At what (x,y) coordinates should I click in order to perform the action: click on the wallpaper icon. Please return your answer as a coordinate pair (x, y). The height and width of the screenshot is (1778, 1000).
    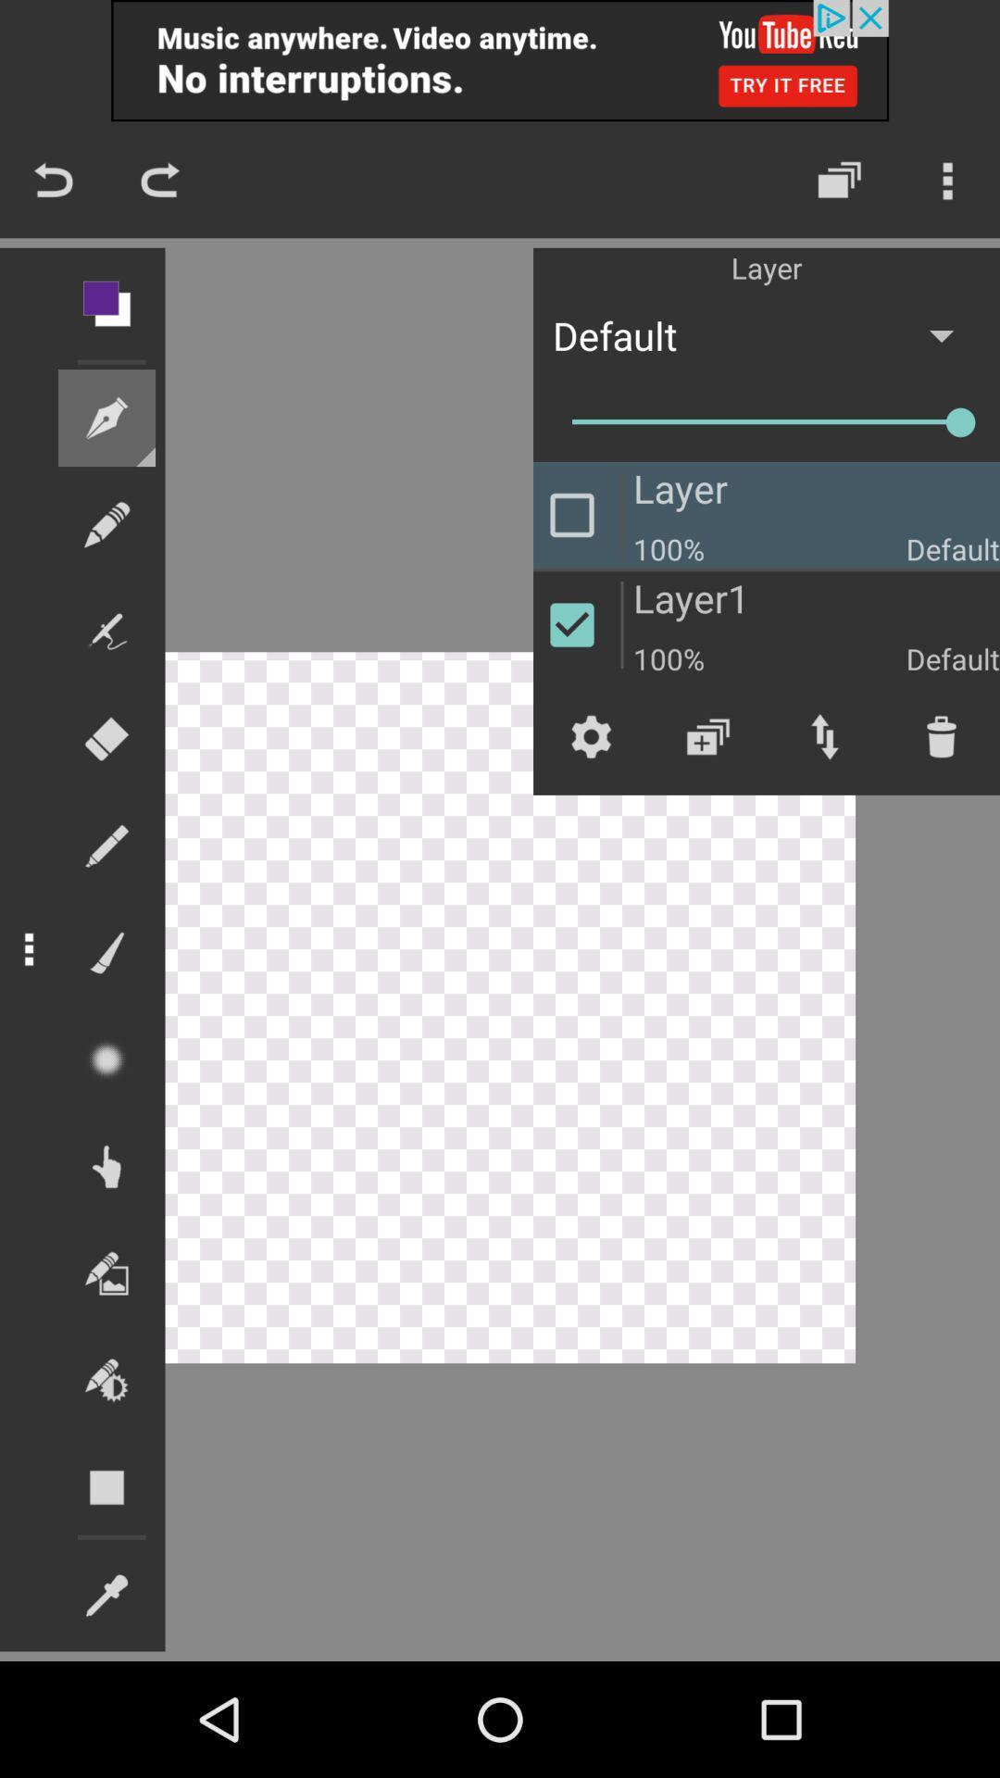
    Looking at the image, I should click on (106, 1272).